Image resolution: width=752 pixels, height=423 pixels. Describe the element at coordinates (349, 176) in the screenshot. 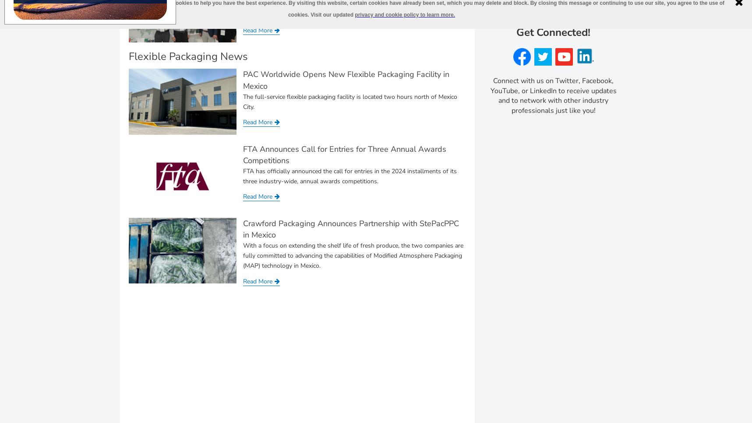

I see `'FTA has officially announced the call for entries in the 2024 installments of its three industry-wide, annual awards competitions.'` at that location.